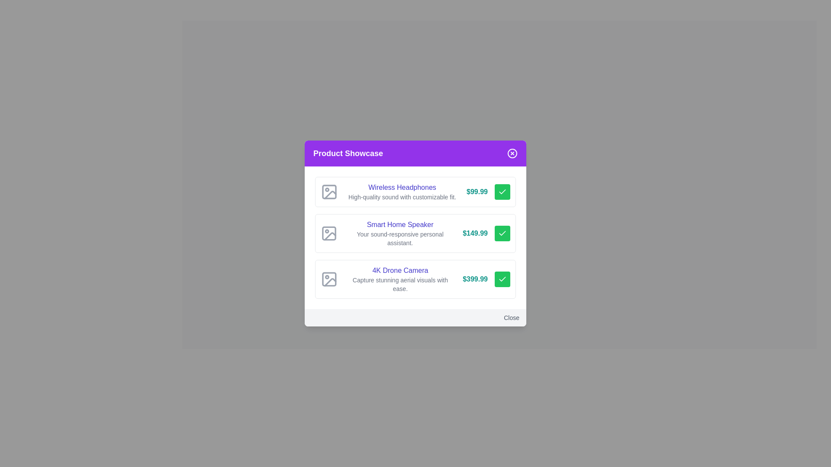  I want to click on the text description component for 'Wireless Headphones' in the 'Product Showcase' modal, so click(402, 191).